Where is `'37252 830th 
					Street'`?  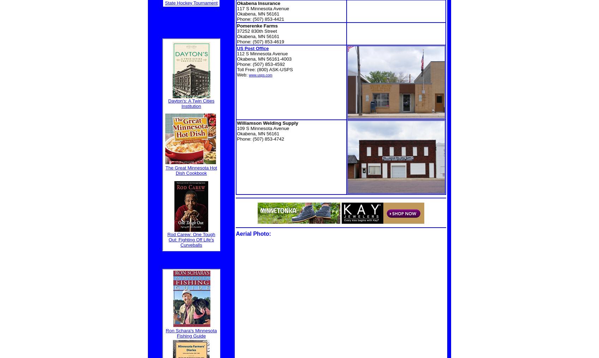 '37252 830th 
					Street' is located at coordinates (236, 31).